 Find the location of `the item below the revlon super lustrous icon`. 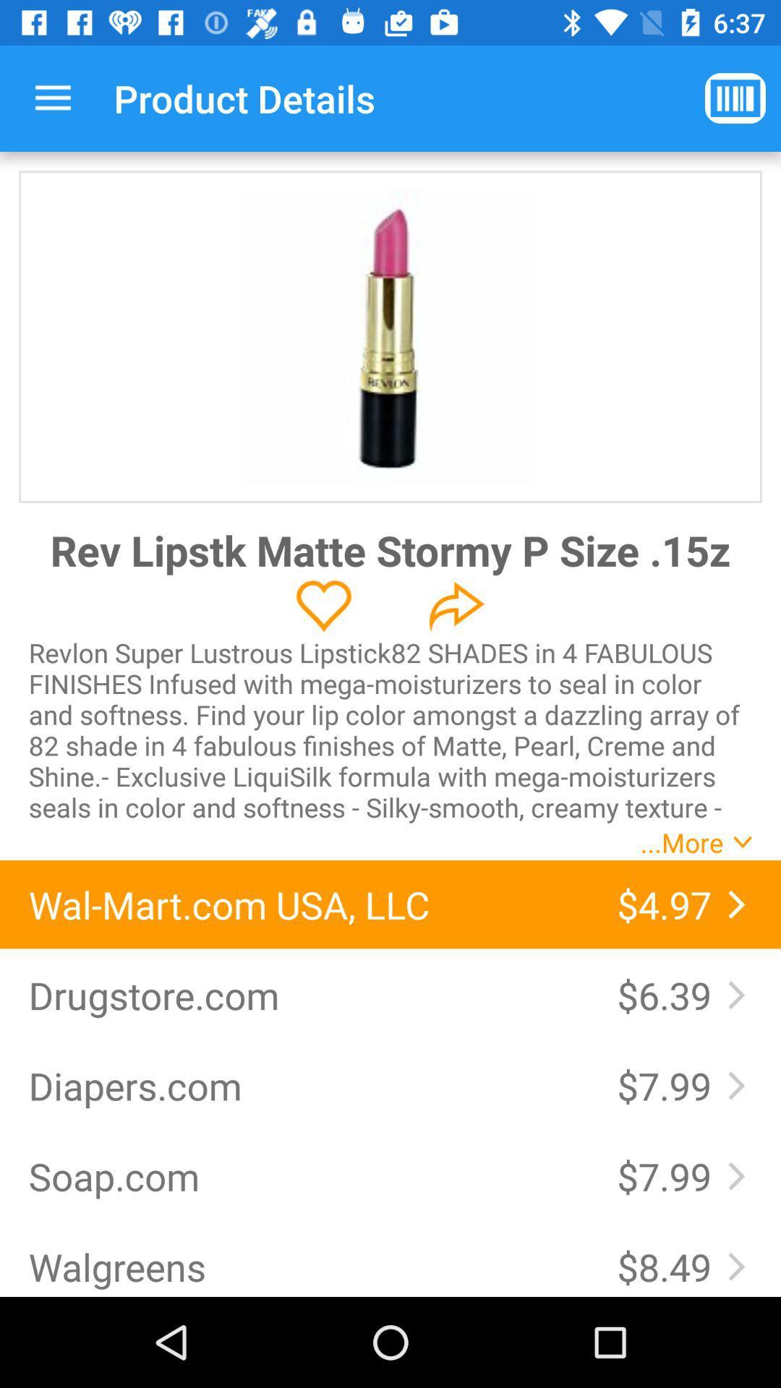

the item below the revlon super lustrous icon is located at coordinates (307, 904).